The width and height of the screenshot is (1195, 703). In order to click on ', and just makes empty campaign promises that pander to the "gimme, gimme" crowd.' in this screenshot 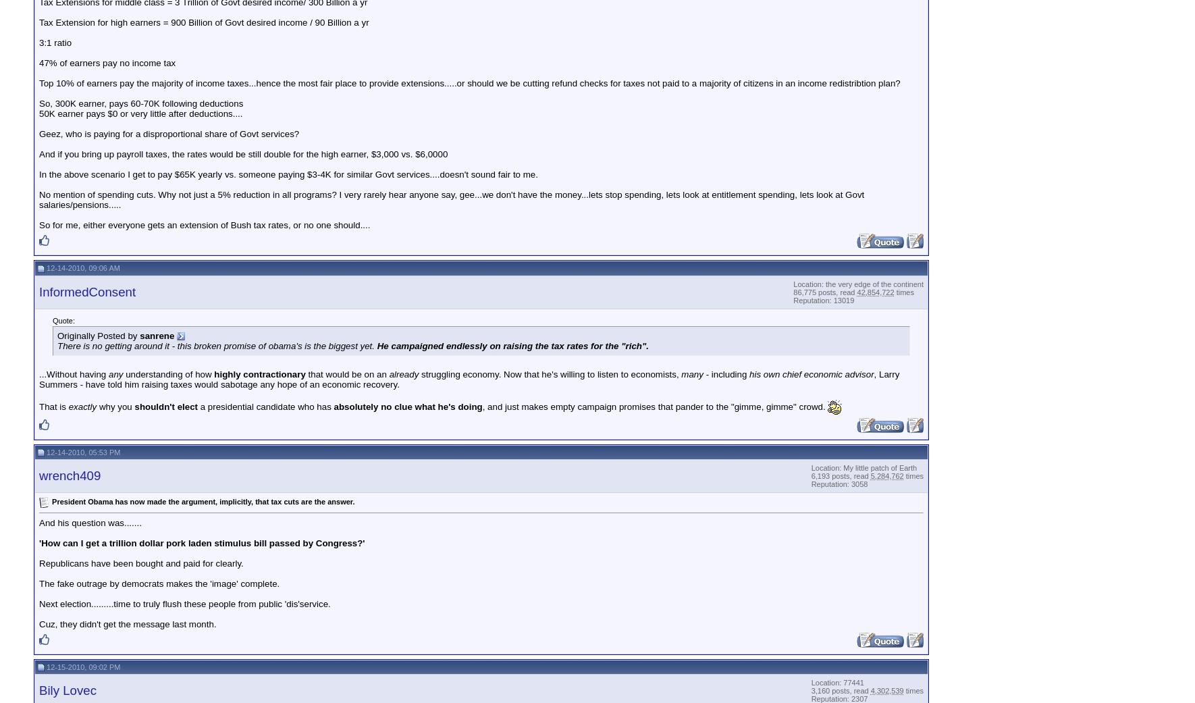, I will do `click(654, 406)`.